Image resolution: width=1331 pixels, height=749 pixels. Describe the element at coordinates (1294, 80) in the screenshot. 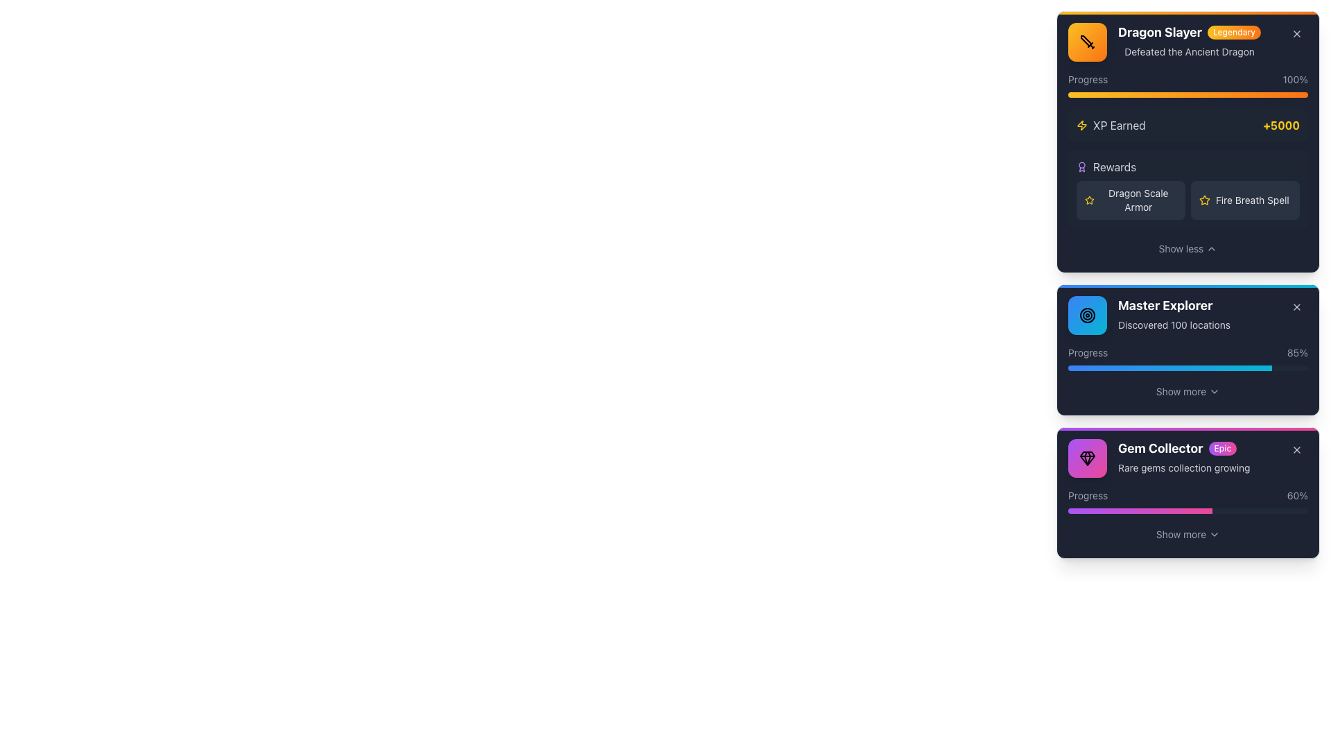

I see `the text label that displays the completion percentage of the progress bar, which is located to the right of the 'Progress' label in the 'Dragon Slayer' card` at that location.